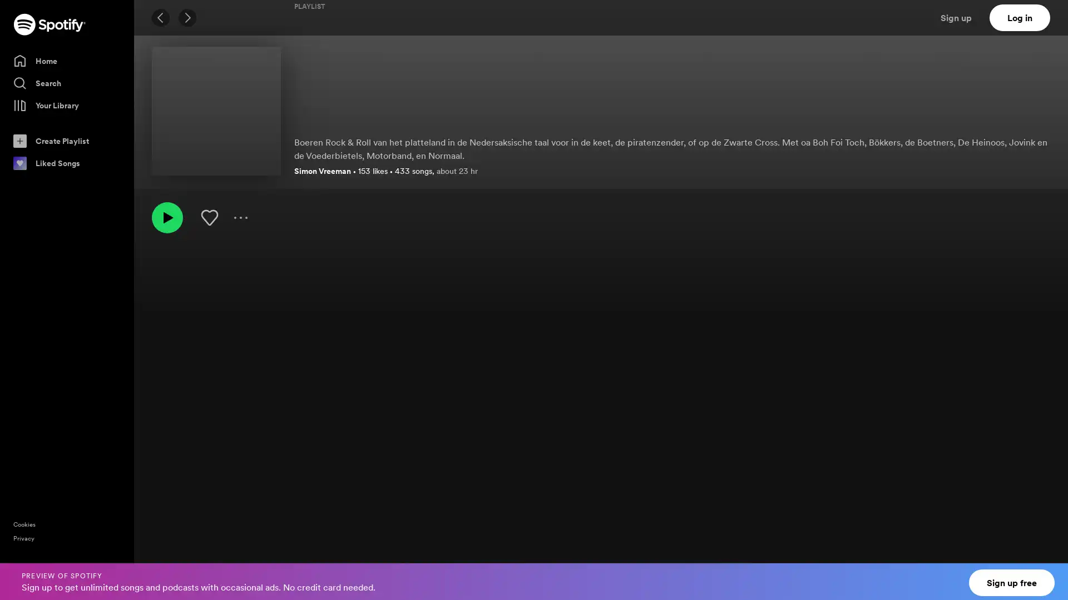 The width and height of the screenshot is (1068, 600). Describe the element at coordinates (167, 218) in the screenshot. I see `Play  Olderwets hken, brekken en angoan |  platte.land` at that location.